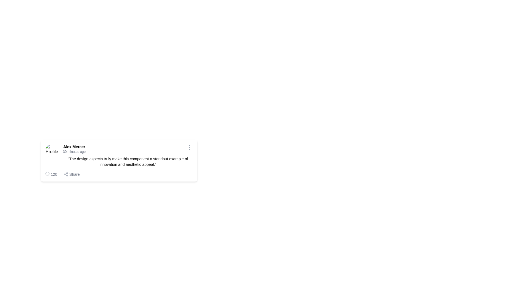 The image size is (530, 298). Describe the element at coordinates (66, 174) in the screenshot. I see `the share icon located to the left of the 'Share' text at the lower-right corner of the card-like component` at that location.